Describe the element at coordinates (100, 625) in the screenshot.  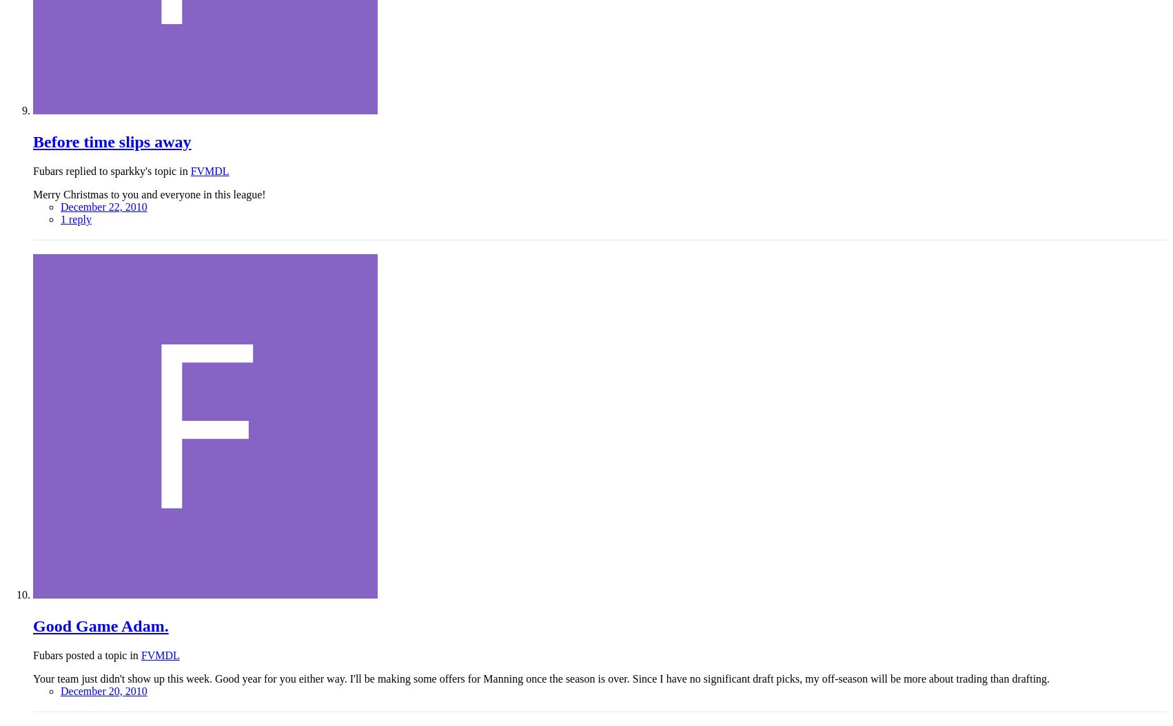
I see `'Good Game Adam.'` at that location.